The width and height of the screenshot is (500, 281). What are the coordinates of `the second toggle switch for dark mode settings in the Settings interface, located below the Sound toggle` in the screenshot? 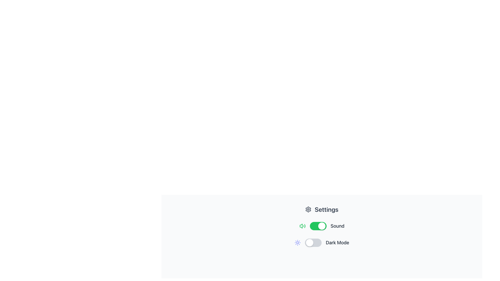 It's located at (322, 243).